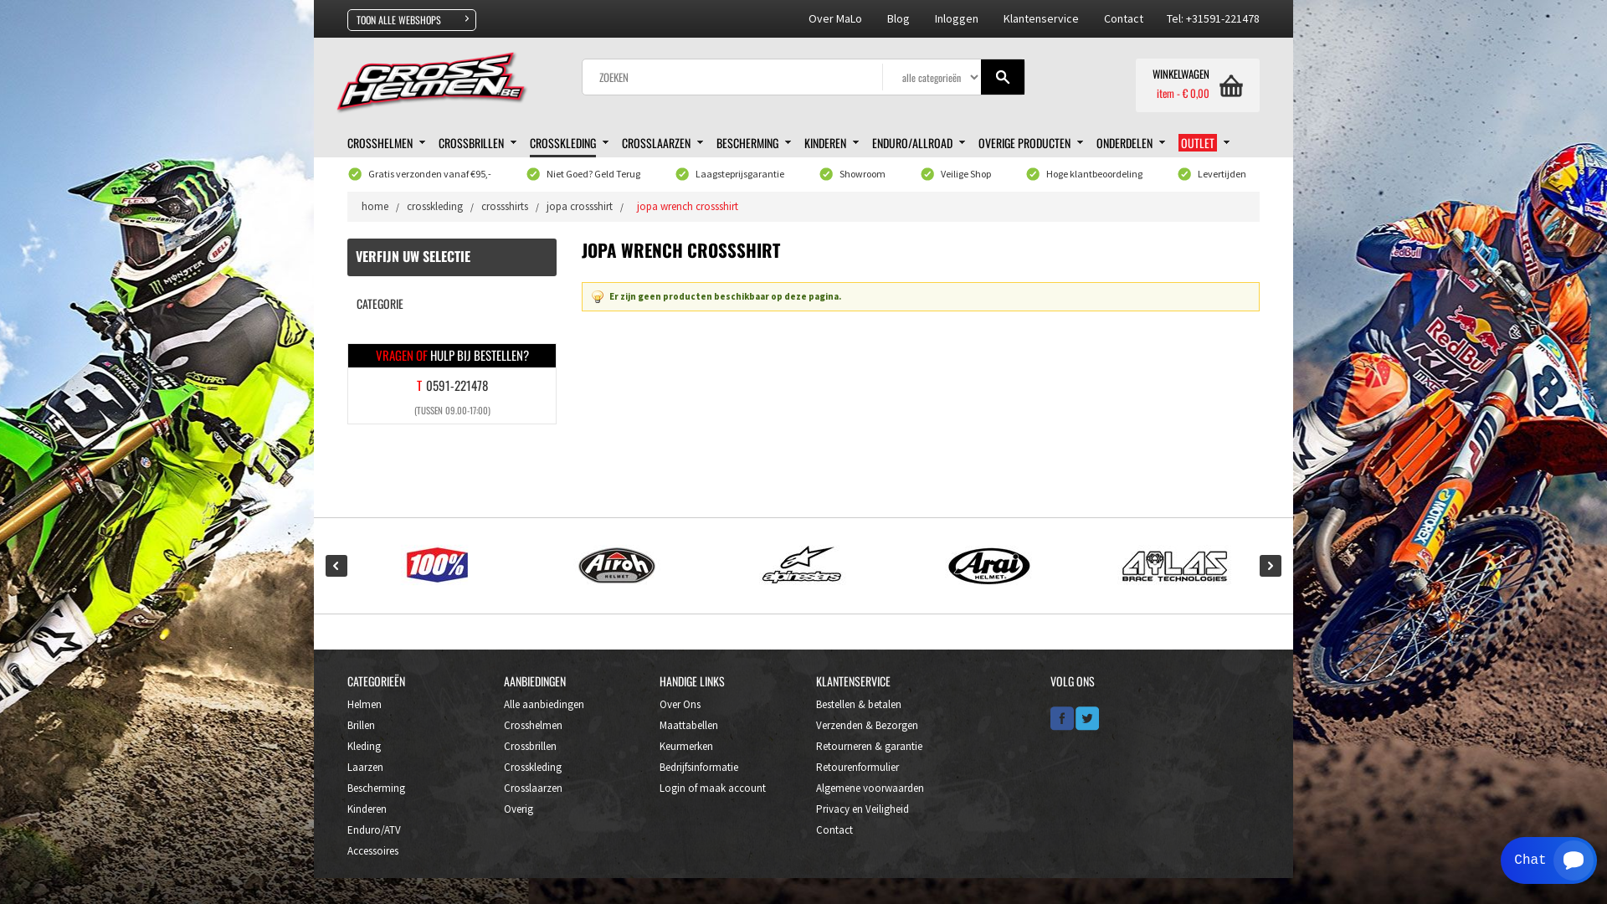  I want to click on 'Retourneren & garantie', so click(869, 744).